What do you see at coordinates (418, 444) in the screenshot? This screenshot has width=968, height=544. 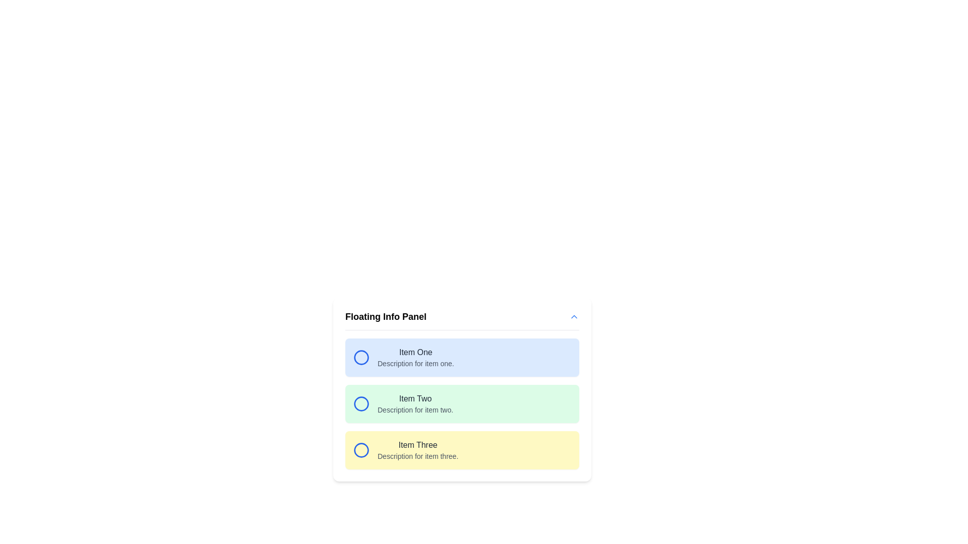 I see `text label that identifies the third item in the list under 'Floating Info Panel', located in the yellow section at the bottom of the vertically stacked list` at bounding box center [418, 444].